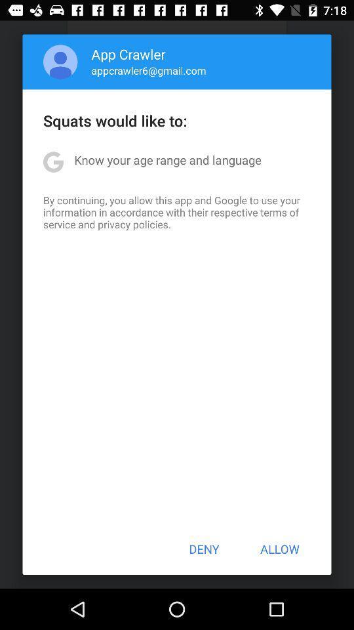 The height and width of the screenshot is (630, 354). I want to click on button next to allow button, so click(204, 549).